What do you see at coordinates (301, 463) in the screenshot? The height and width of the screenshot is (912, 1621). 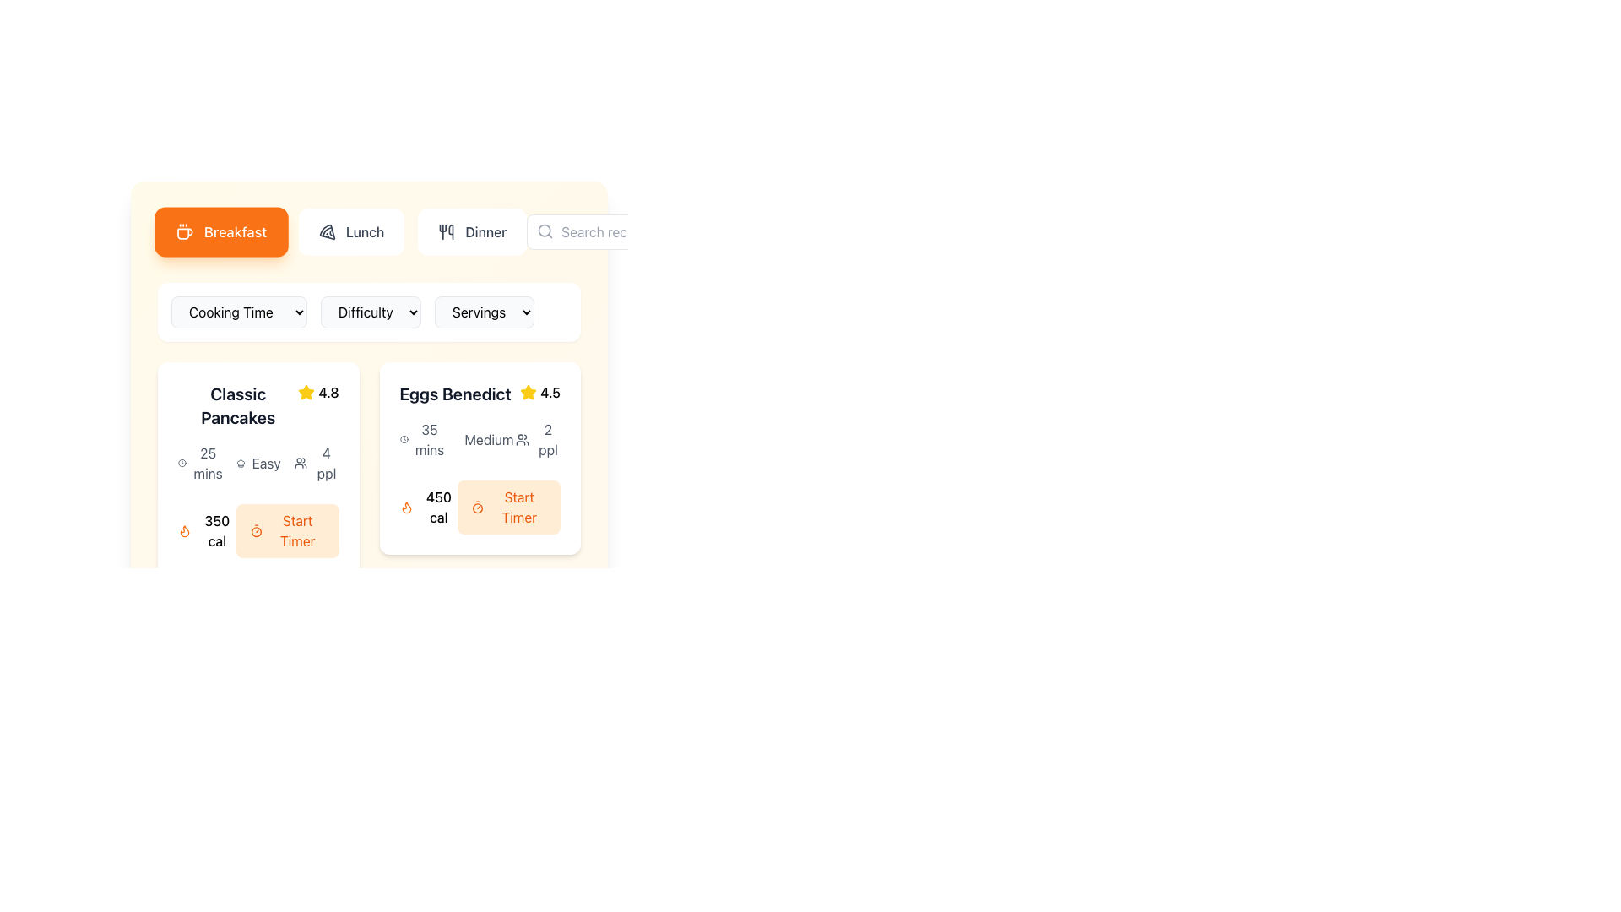 I see `the icon that visually represents a group of individuals, located to the left of the text '4 ppl' which indicates the number of servings or participants` at bounding box center [301, 463].